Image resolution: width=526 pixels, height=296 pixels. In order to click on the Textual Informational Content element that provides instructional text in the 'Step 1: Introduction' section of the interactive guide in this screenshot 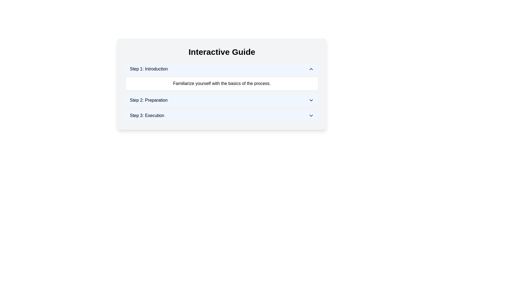, I will do `click(222, 83)`.